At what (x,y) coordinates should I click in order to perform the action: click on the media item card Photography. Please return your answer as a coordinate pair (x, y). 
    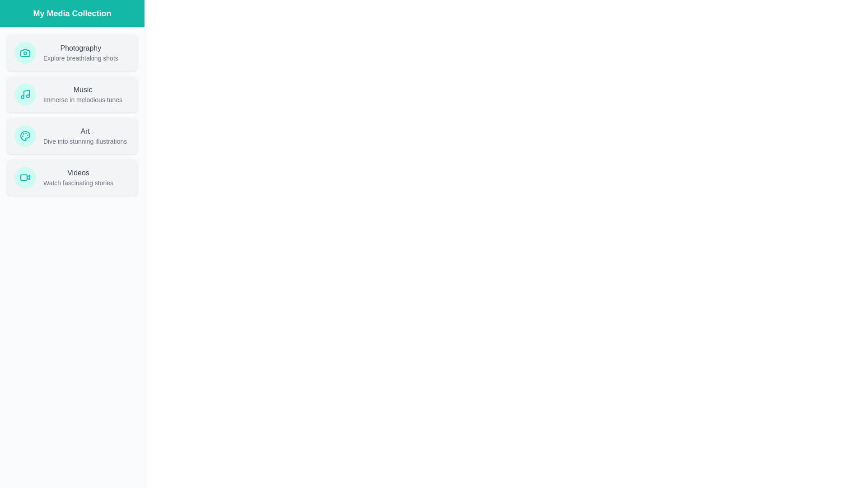
    Looking at the image, I should click on (71, 52).